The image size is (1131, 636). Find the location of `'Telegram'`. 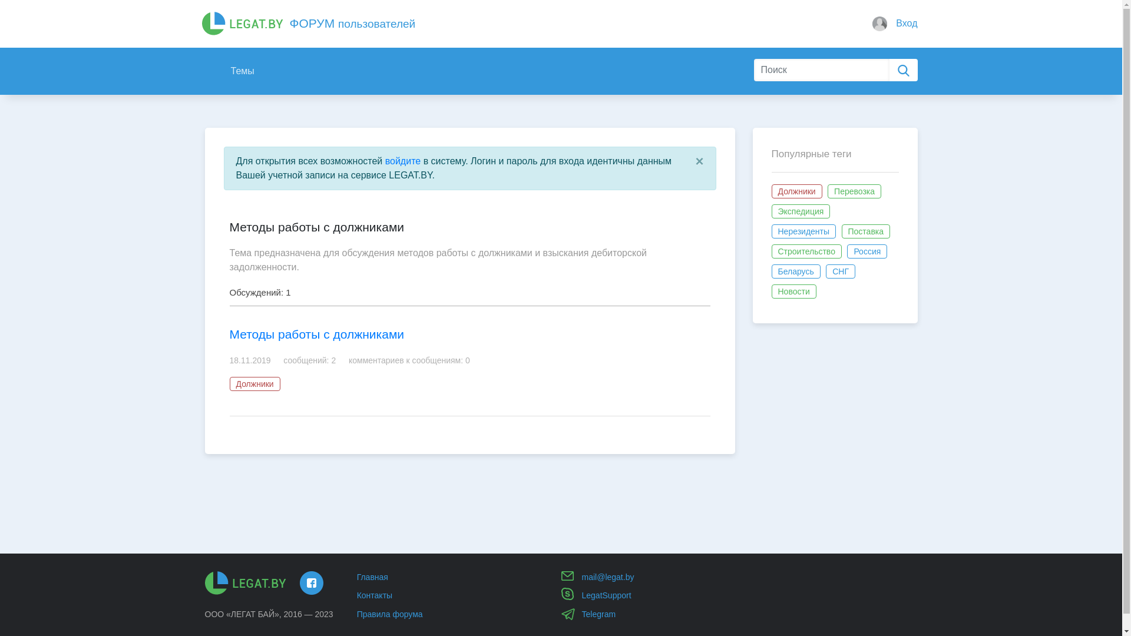

'Telegram' is located at coordinates (599, 613).